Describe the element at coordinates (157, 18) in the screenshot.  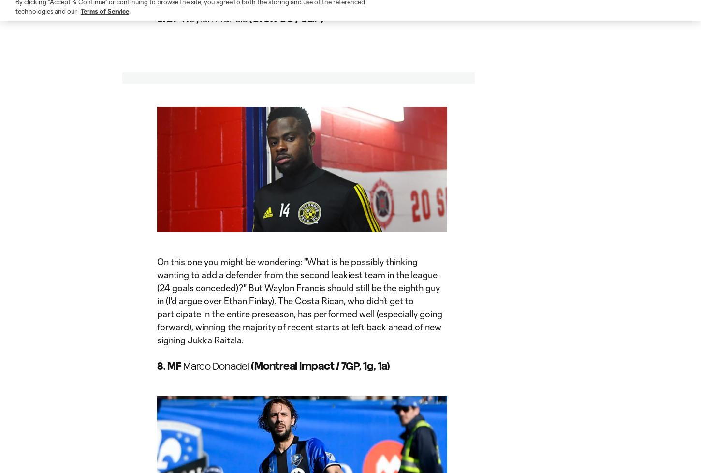
I see `'9. DF'` at that location.